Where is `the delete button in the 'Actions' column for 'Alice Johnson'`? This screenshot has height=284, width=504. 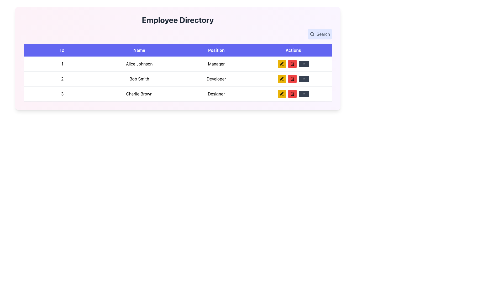
the delete button in the 'Actions' column for 'Alice Johnson' is located at coordinates (292, 64).